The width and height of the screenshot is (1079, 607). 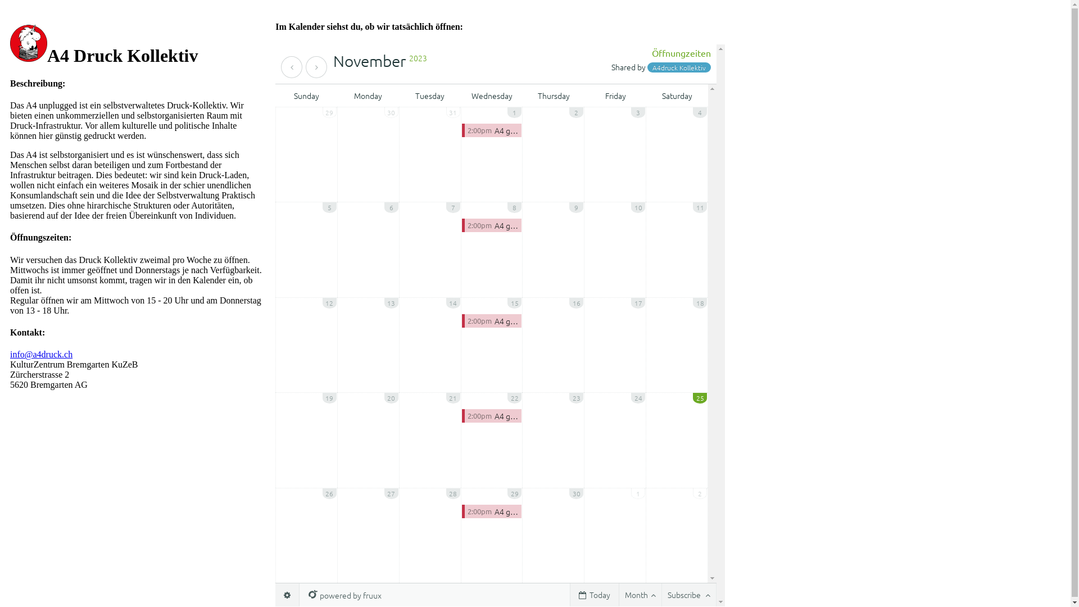 What do you see at coordinates (10, 354) in the screenshot?
I see `'info@a4druck.ch'` at bounding box center [10, 354].